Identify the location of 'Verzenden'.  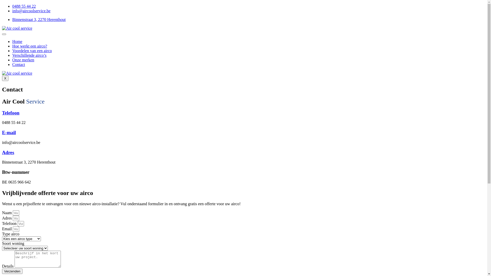
(2, 271).